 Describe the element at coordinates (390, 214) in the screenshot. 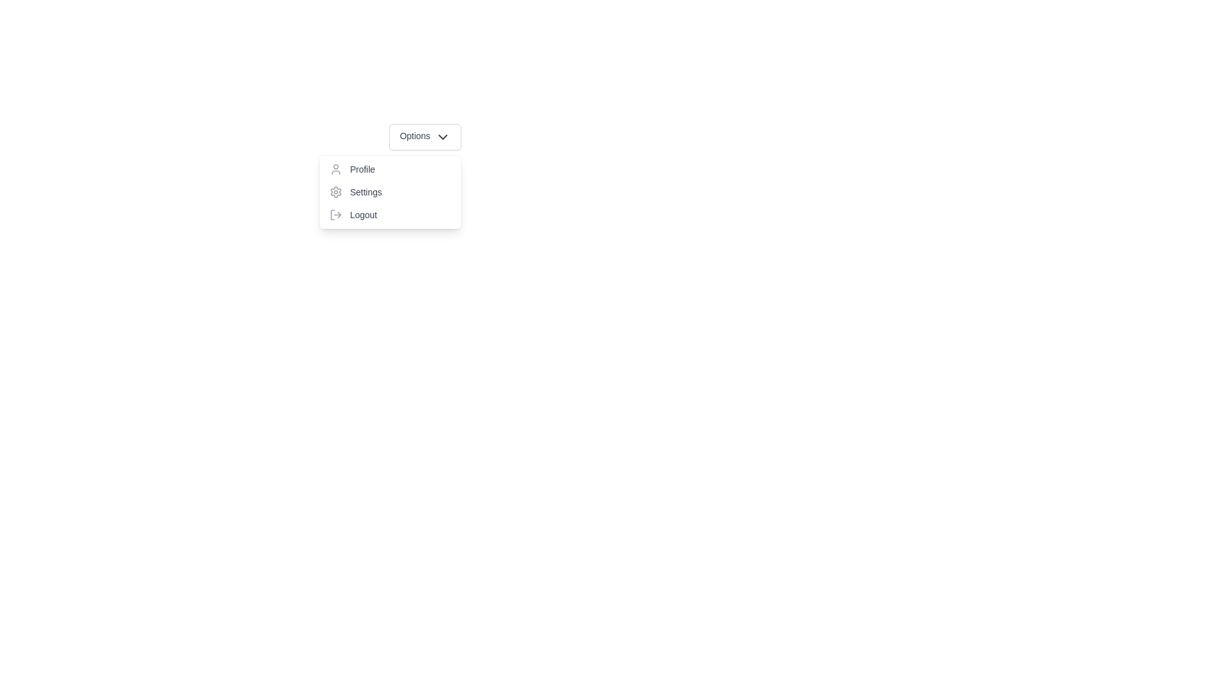

I see `the 'Logout' option in the dropdown menu` at that location.